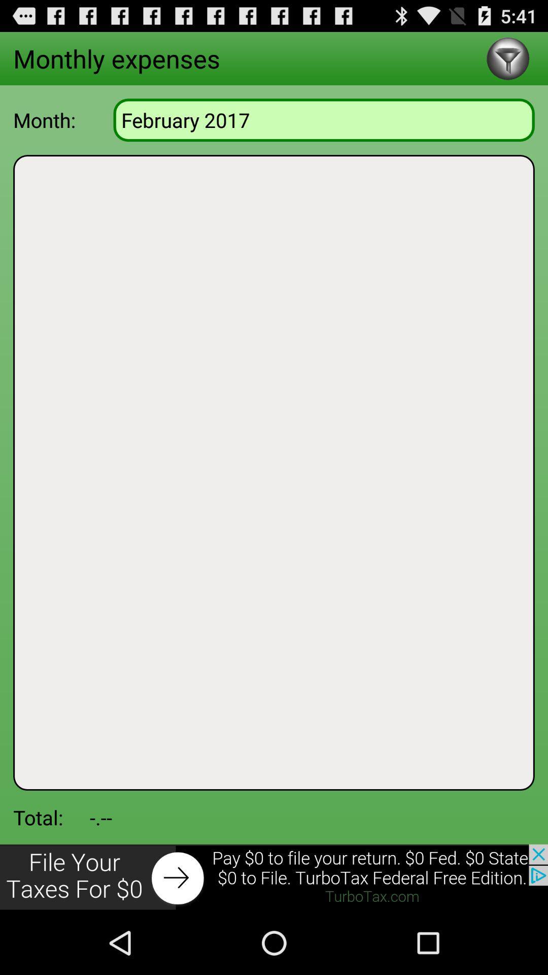  I want to click on search, so click(508, 58).